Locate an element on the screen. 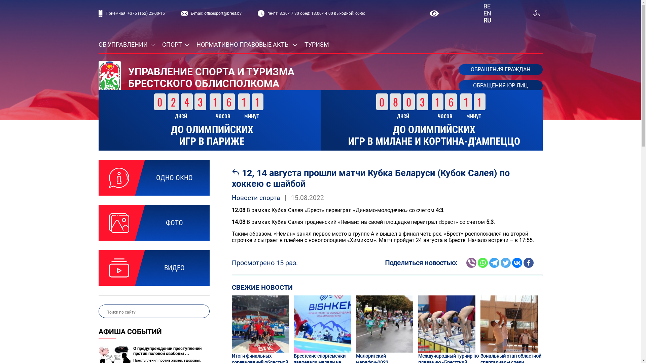  'Facebook' is located at coordinates (528, 263).